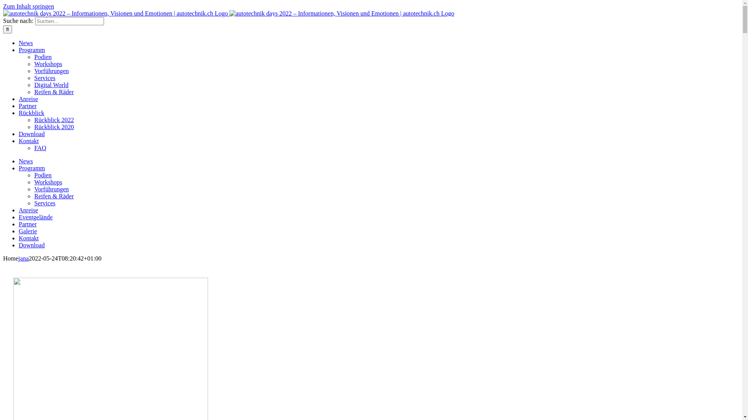  Describe the element at coordinates (28, 210) in the screenshot. I see `'Anreise'` at that location.